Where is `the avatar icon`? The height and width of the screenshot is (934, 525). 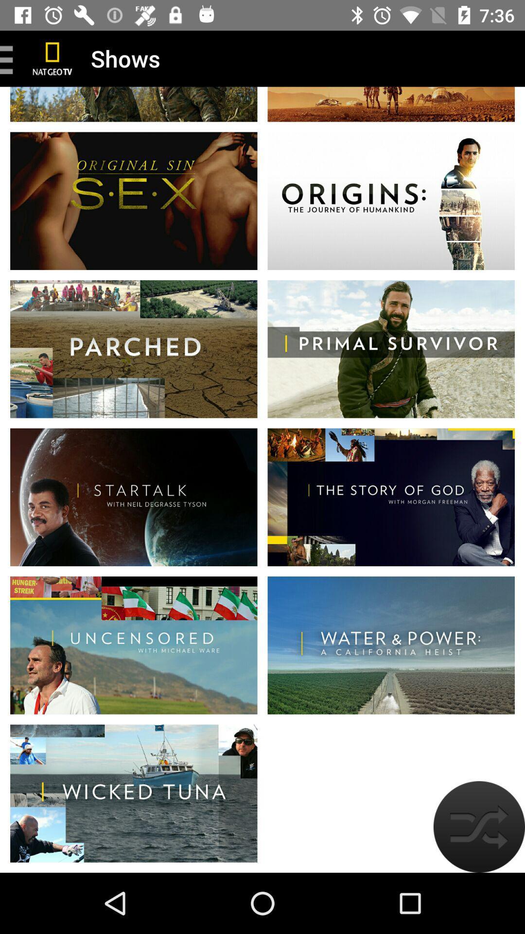
the avatar icon is located at coordinates (478, 826).